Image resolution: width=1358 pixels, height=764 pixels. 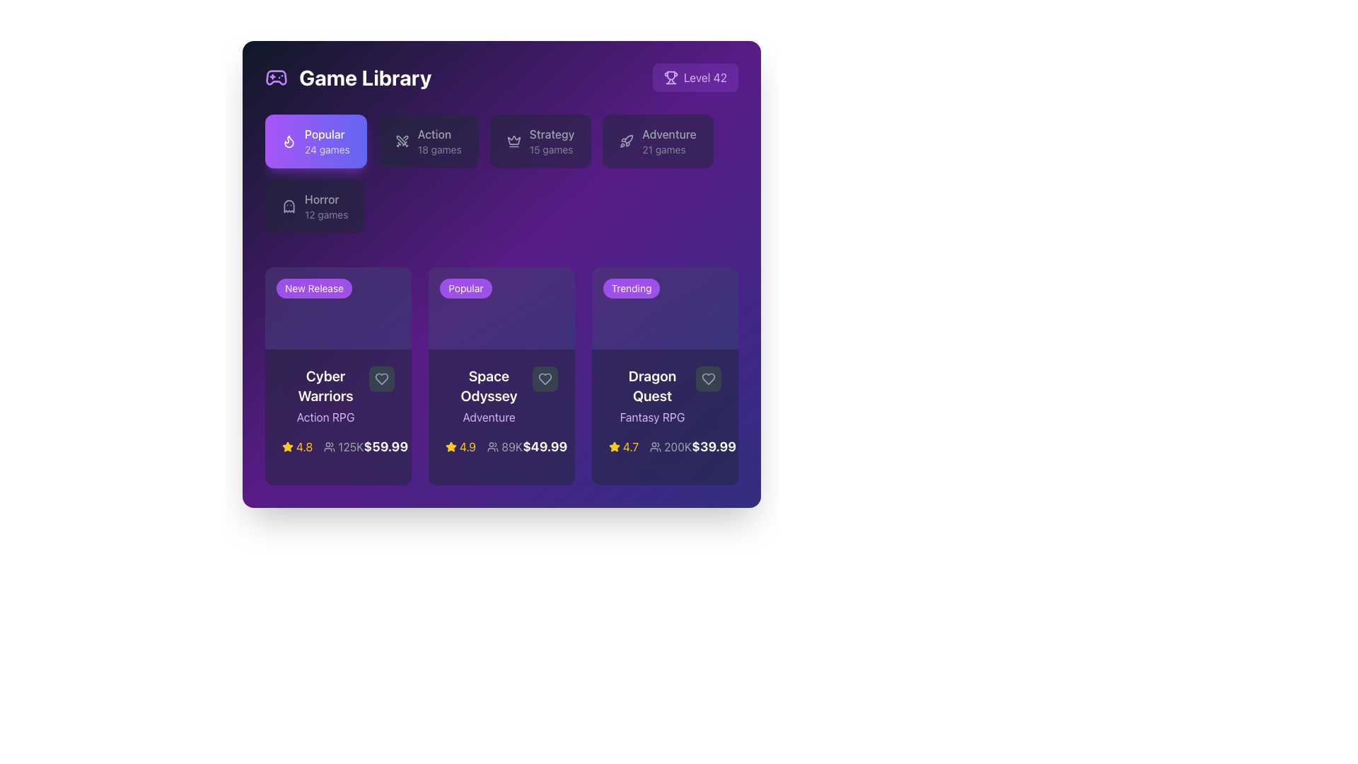 I want to click on text label indicating 'Popular' which is located at the top left section of the interface, following the flame-shaped icon, so click(x=326, y=141).